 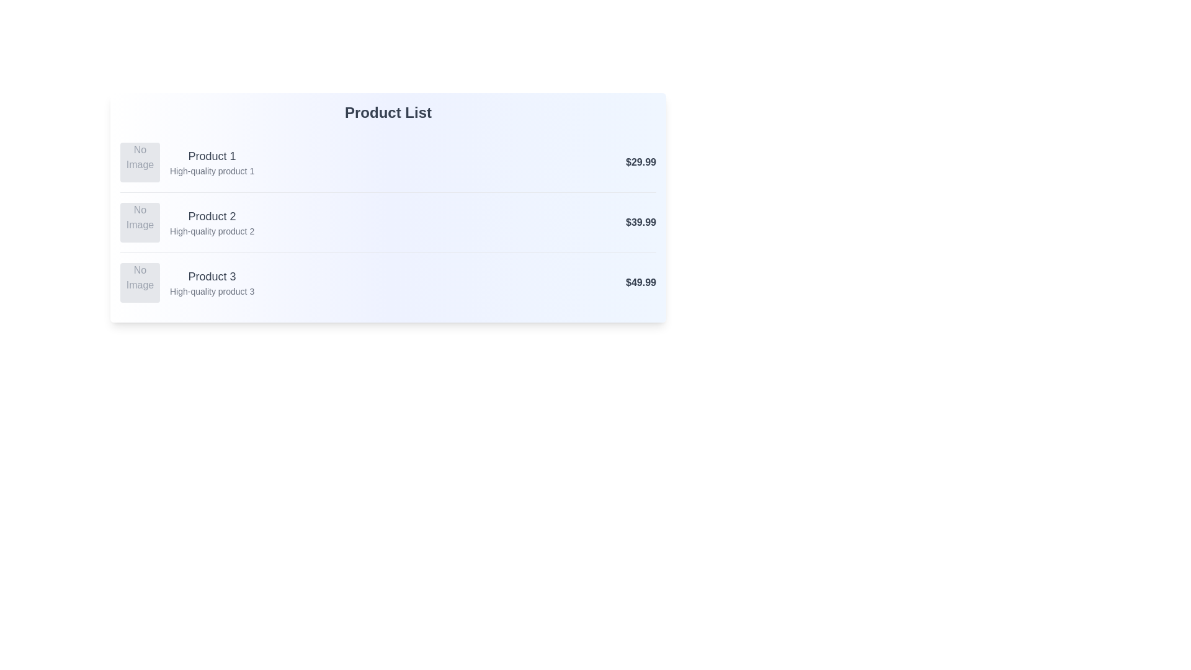 I want to click on the price of Product 1 to examine its details, so click(x=641, y=162).